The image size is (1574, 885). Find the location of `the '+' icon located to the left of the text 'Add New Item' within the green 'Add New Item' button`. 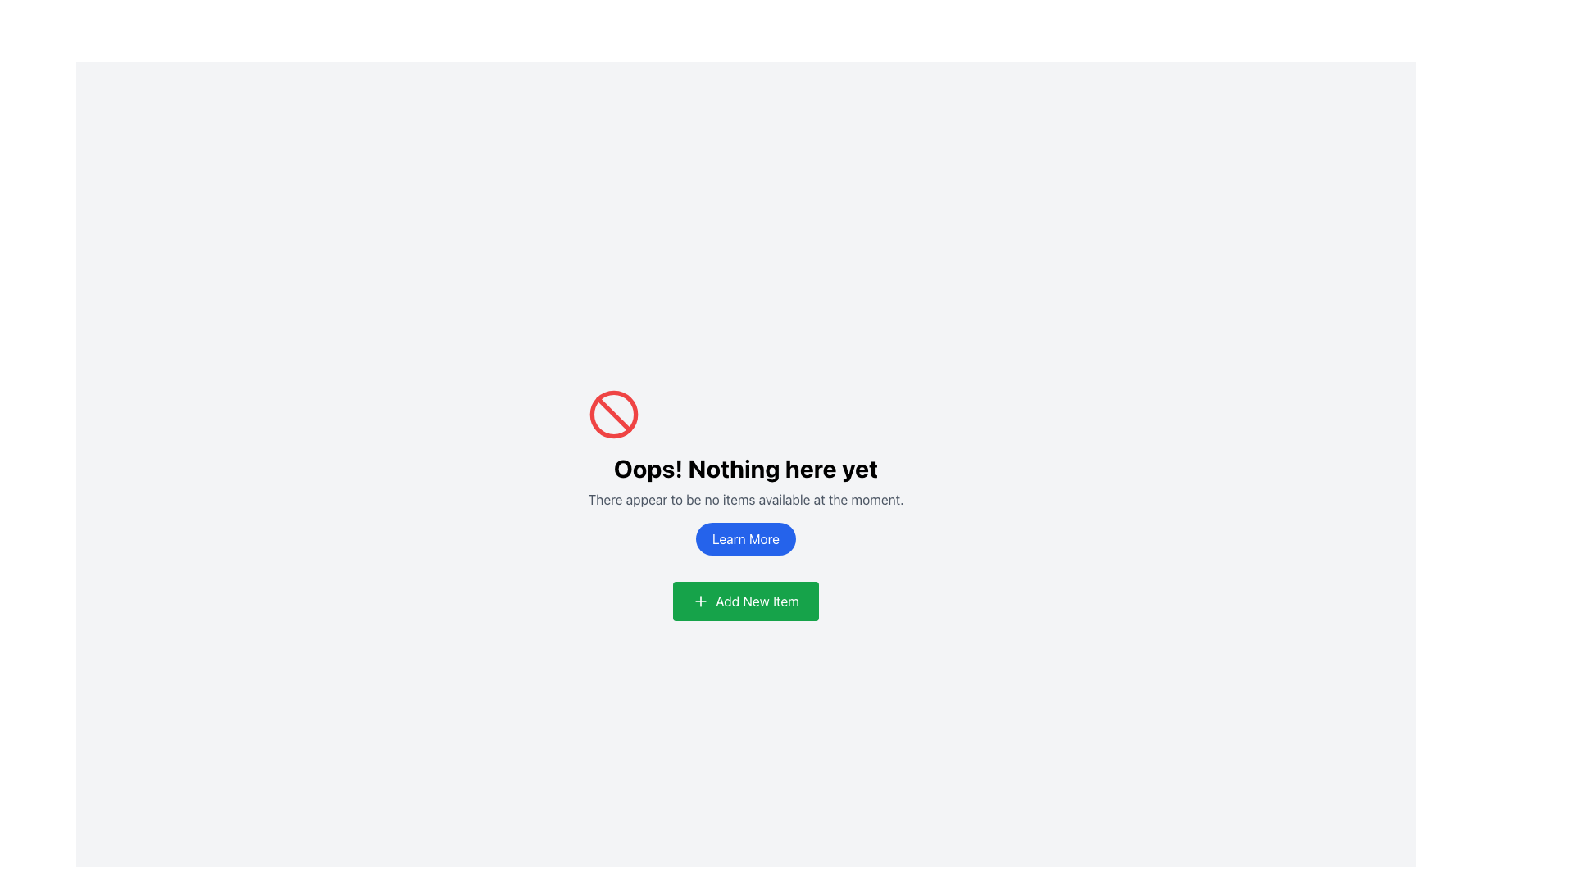

the '+' icon located to the left of the text 'Add New Item' within the green 'Add New Item' button is located at coordinates (701, 601).